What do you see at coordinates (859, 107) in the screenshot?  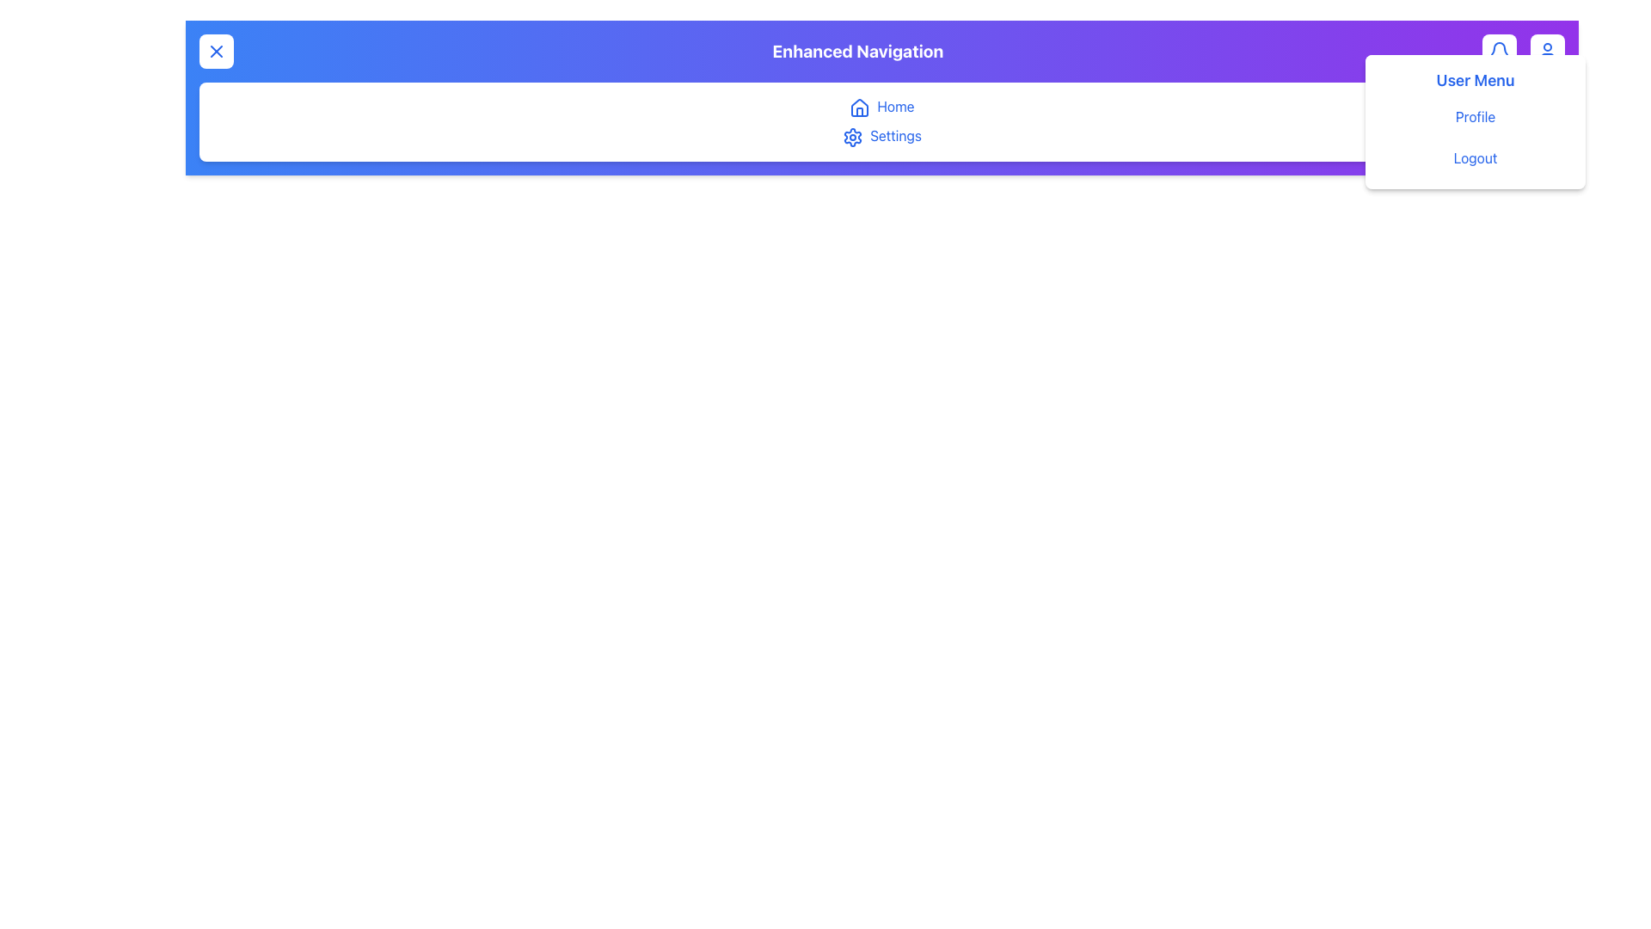 I see `the homepage icon located on the top navigation bar, which is aligned to the left of the 'Home' text` at bounding box center [859, 107].